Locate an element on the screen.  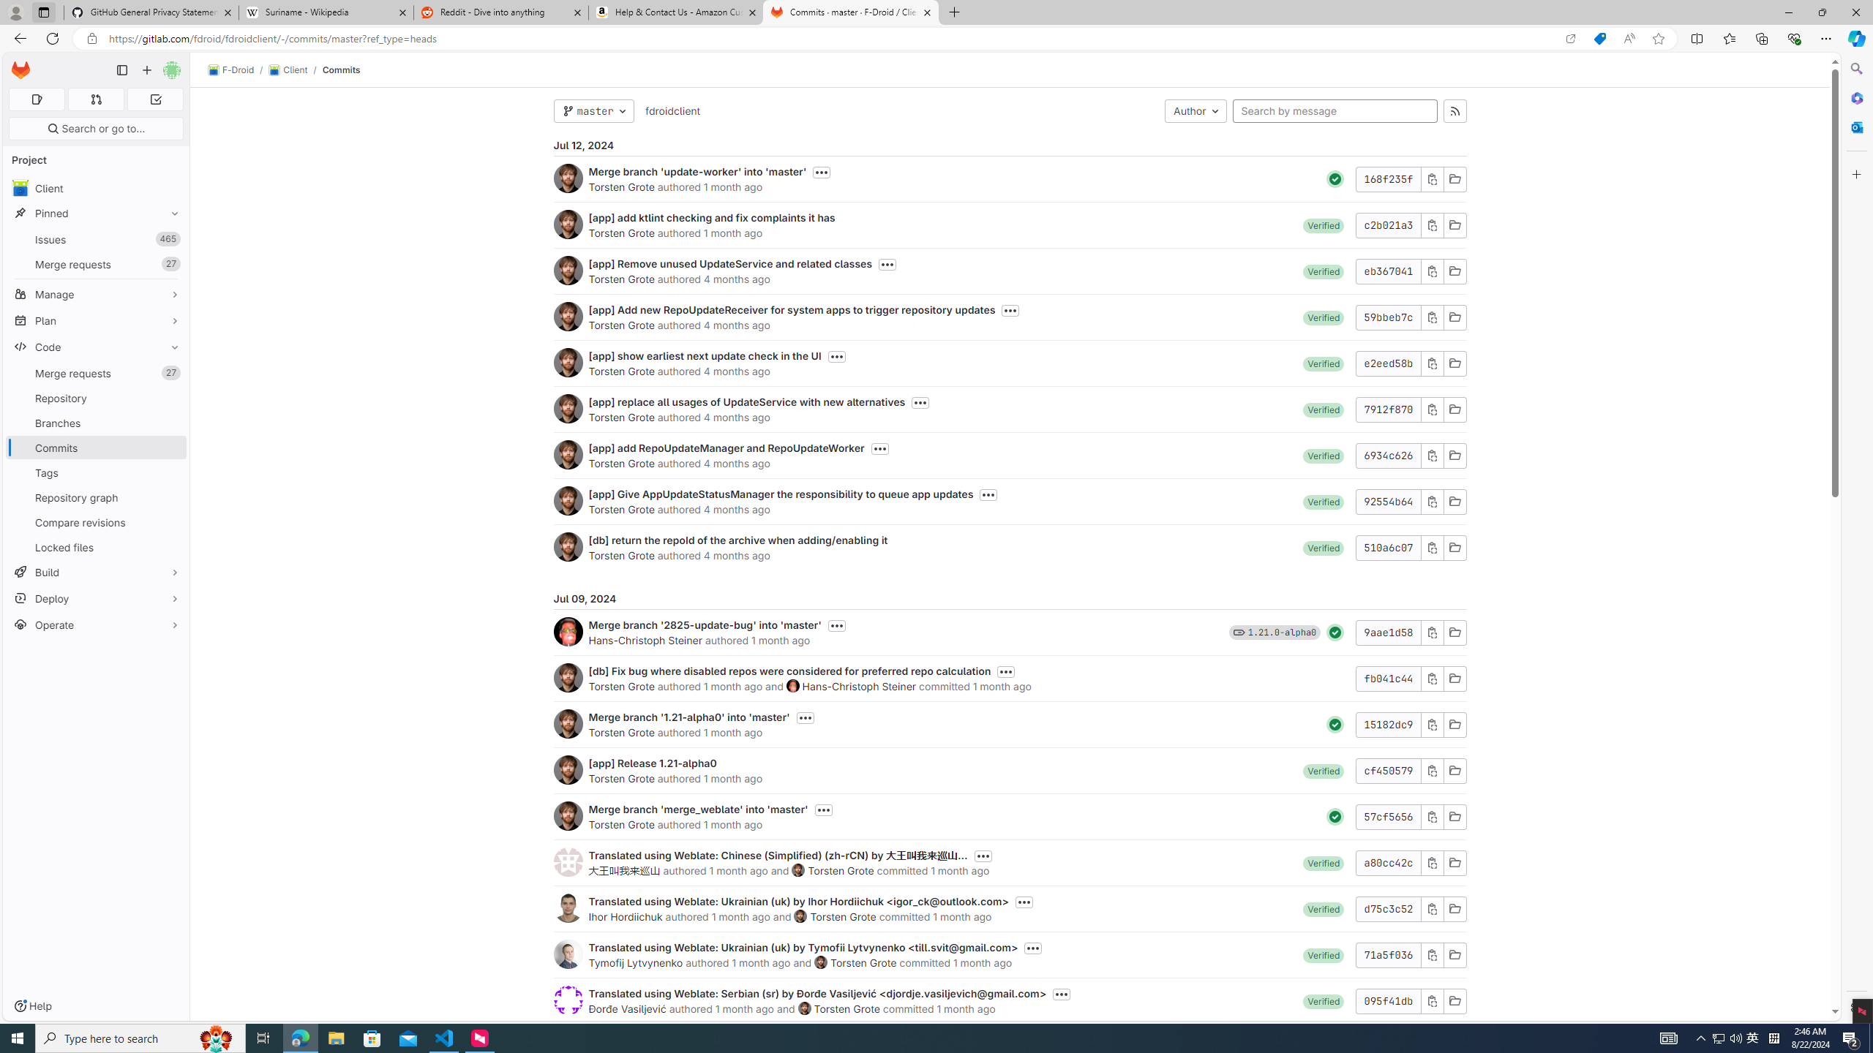
'Merge branch ' is located at coordinates (697, 807).